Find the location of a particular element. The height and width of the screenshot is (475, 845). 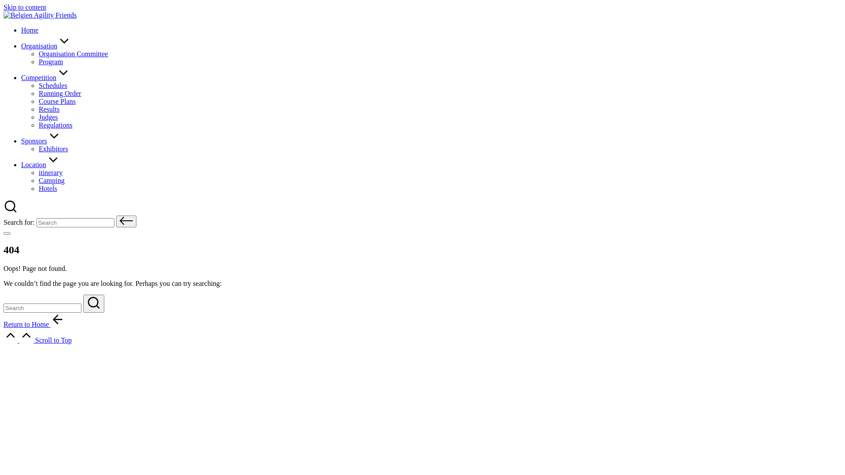

'Home' is located at coordinates (29, 29).